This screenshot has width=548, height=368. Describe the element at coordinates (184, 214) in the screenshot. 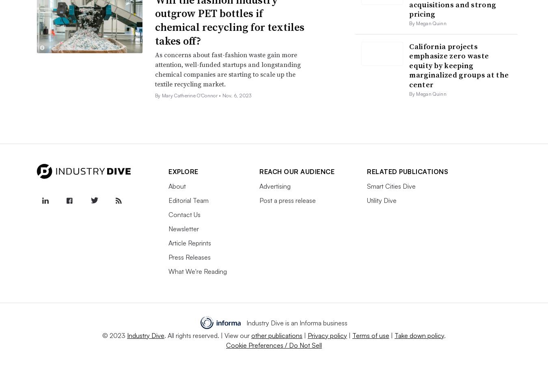

I see `'Contact Us'` at that location.